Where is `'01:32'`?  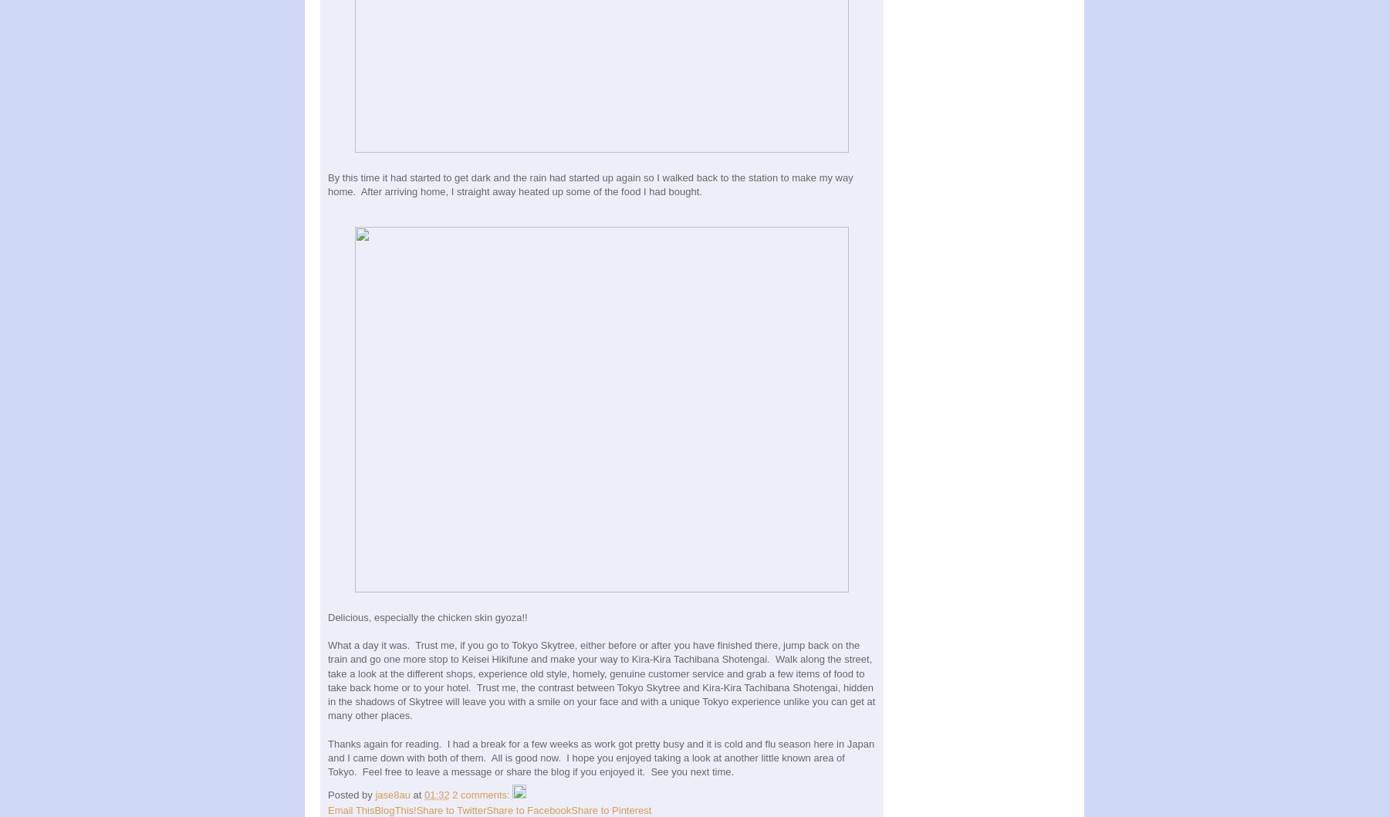
'01:32' is located at coordinates (436, 793).